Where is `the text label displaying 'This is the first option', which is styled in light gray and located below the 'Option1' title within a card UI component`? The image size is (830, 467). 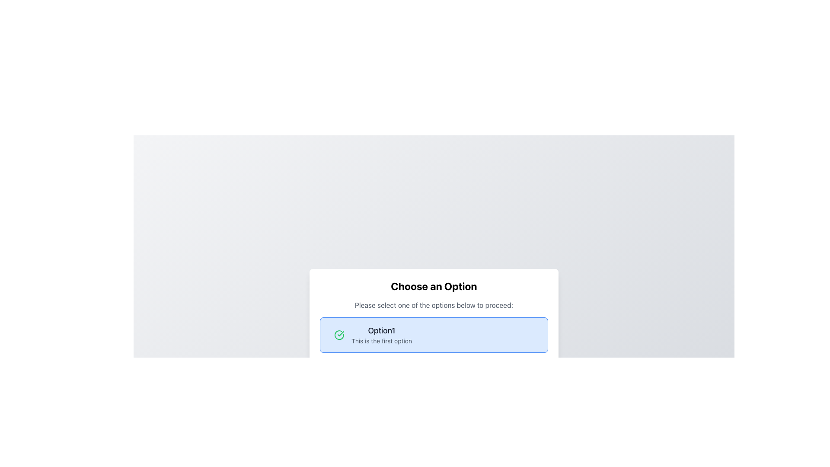
the text label displaying 'This is the first option', which is styled in light gray and located below the 'Option1' title within a card UI component is located at coordinates (381, 341).